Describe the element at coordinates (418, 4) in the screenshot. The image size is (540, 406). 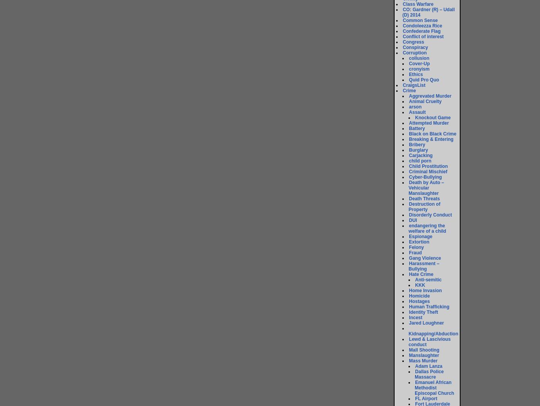
I see `'Class Warfare'` at that location.